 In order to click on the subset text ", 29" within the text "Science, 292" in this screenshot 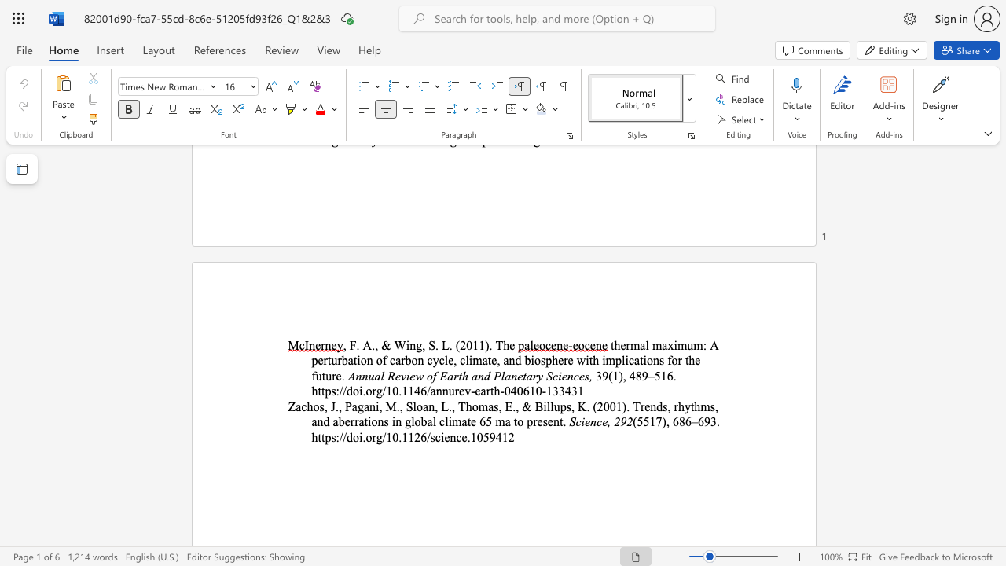, I will do `click(607, 421)`.